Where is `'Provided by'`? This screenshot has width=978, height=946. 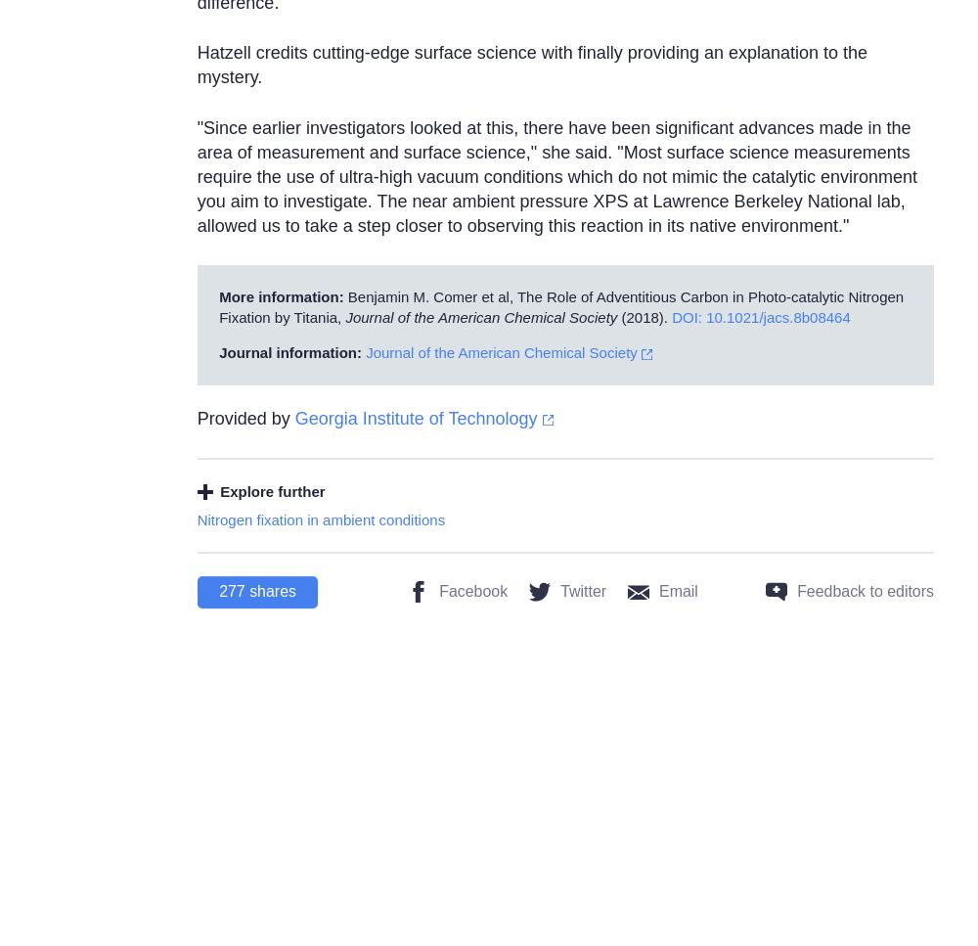 'Provided by' is located at coordinates (245, 417).